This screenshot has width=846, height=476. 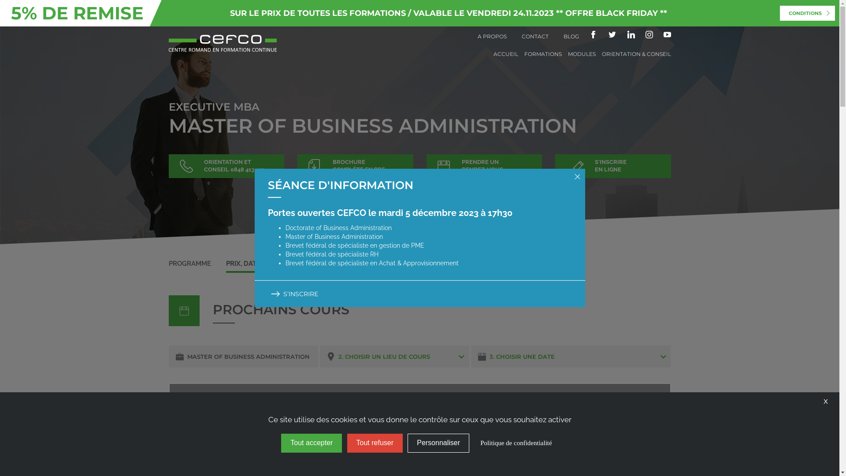 What do you see at coordinates (522, 36) in the screenshot?
I see `'CONTACT'` at bounding box center [522, 36].